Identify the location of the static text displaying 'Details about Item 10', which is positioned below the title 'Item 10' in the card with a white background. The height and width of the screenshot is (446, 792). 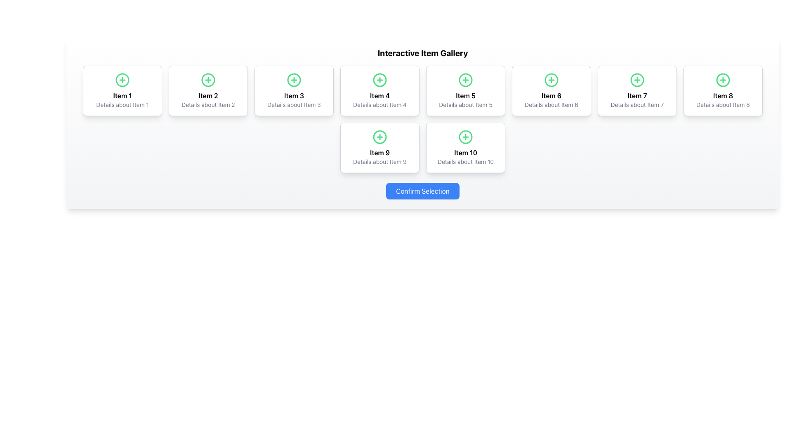
(465, 162).